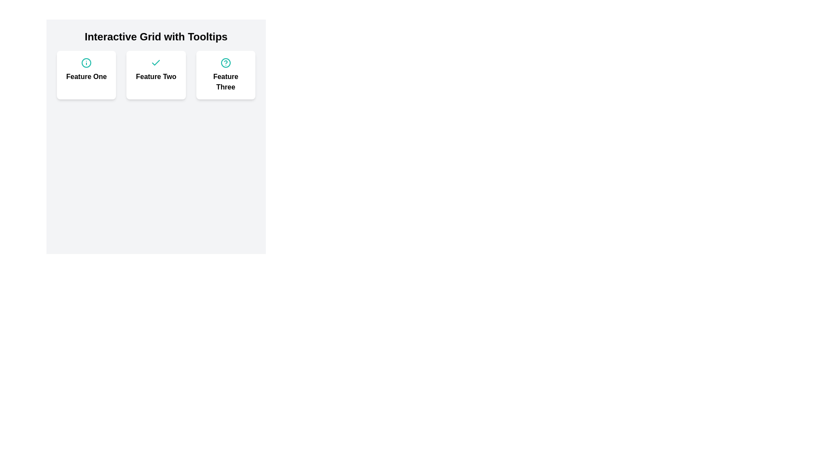  What do you see at coordinates (225, 75) in the screenshot?
I see `the third card in the grid layout that provides information about 'Feature Three'` at bounding box center [225, 75].